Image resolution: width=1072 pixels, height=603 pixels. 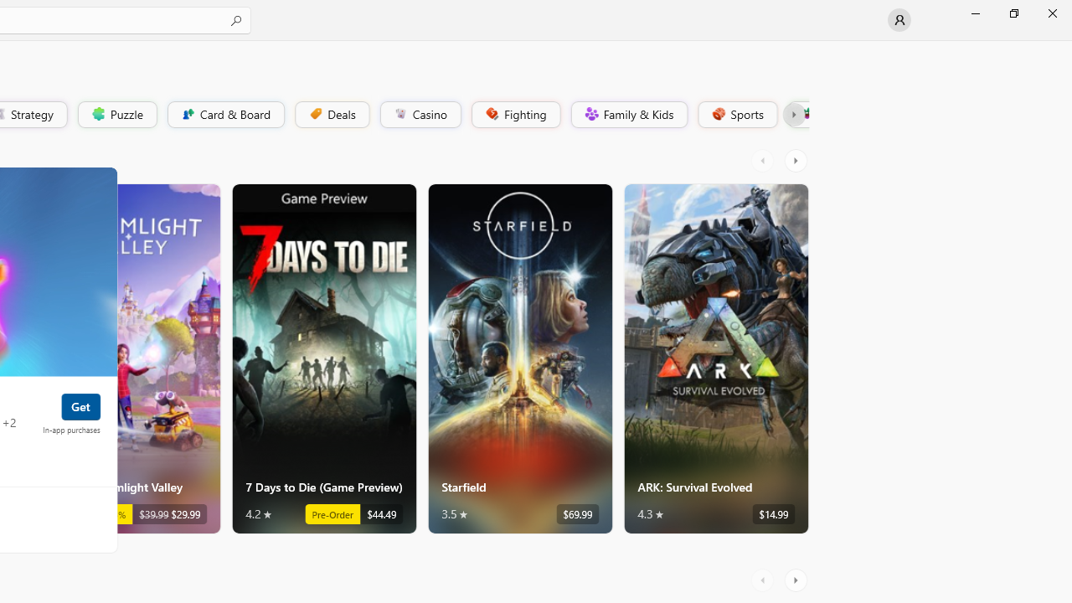 I want to click on 'Card & Board', so click(x=224, y=113).